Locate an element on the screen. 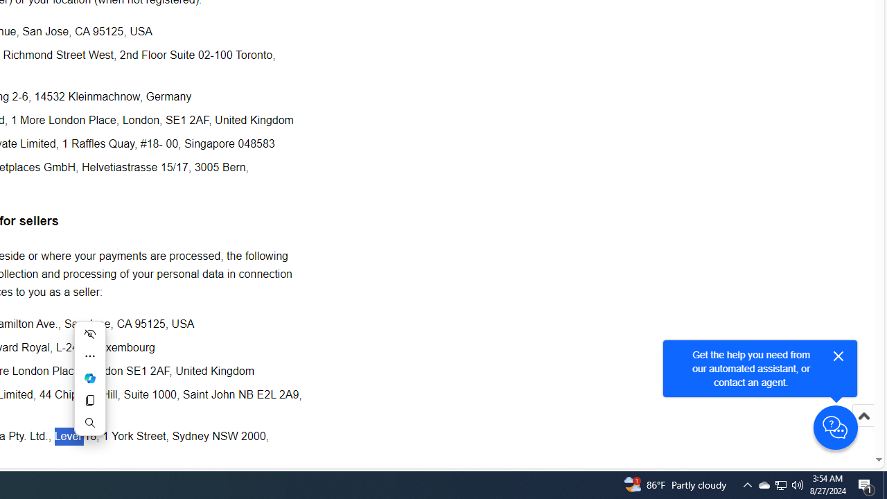  'Scroll to top' is located at coordinates (863, 414).